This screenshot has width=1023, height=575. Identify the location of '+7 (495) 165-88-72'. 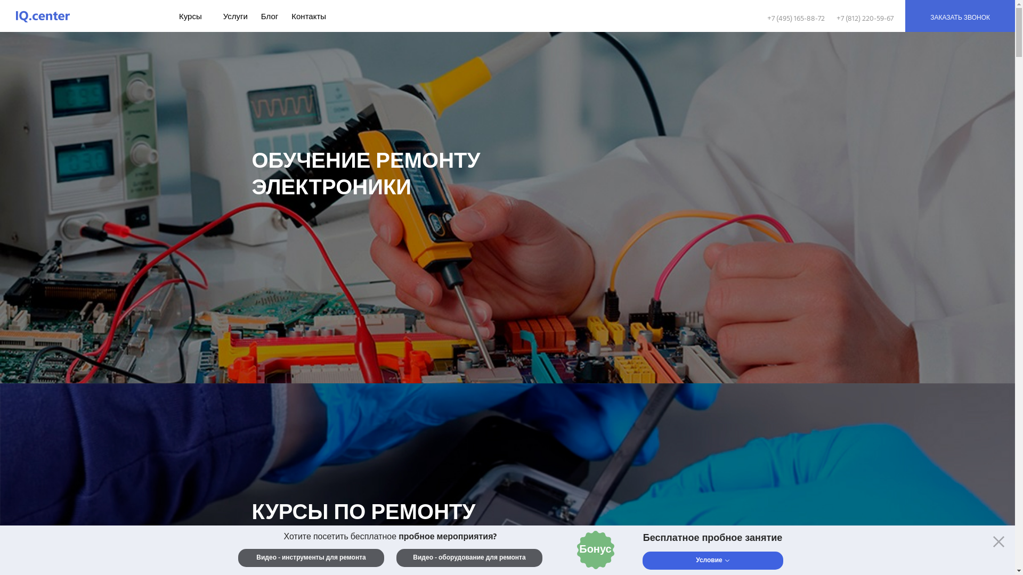
(767, 19).